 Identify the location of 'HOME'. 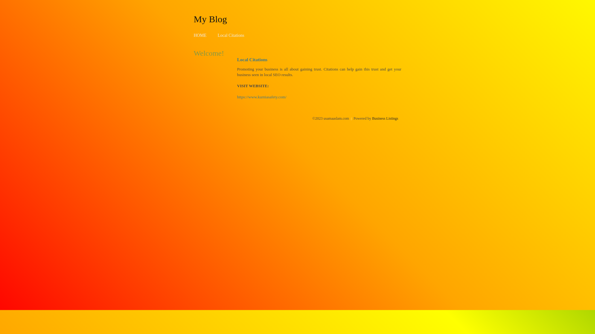
(200, 35).